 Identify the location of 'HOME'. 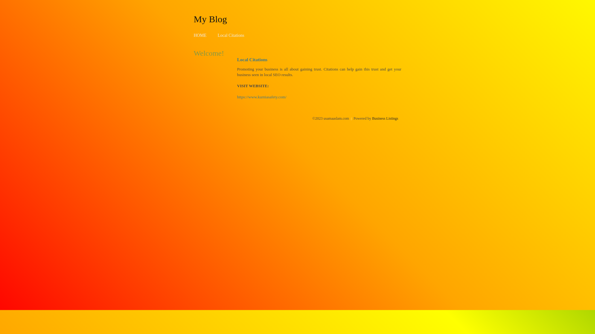
(200, 35).